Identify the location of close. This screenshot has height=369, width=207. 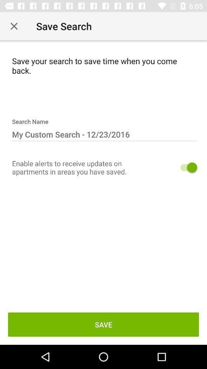
(14, 26).